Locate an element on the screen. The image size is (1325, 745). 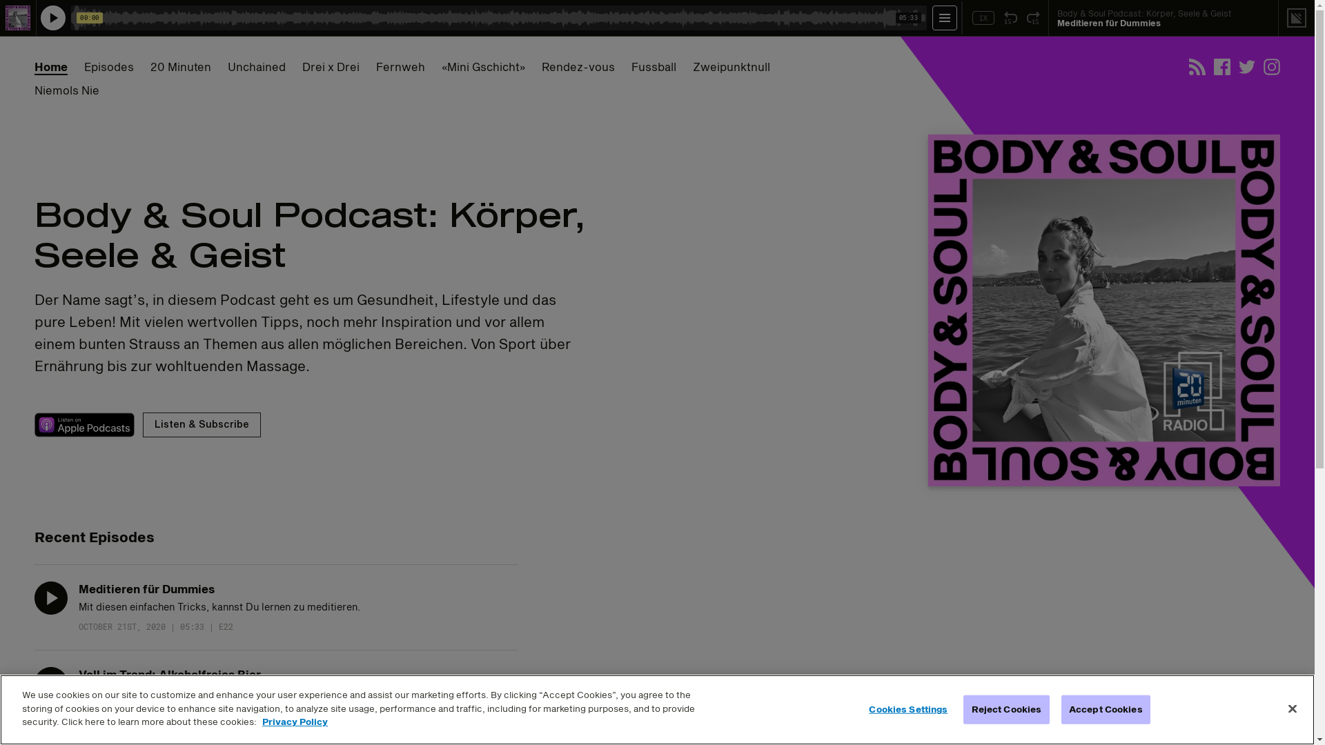
'Fernweh' is located at coordinates (400, 66).